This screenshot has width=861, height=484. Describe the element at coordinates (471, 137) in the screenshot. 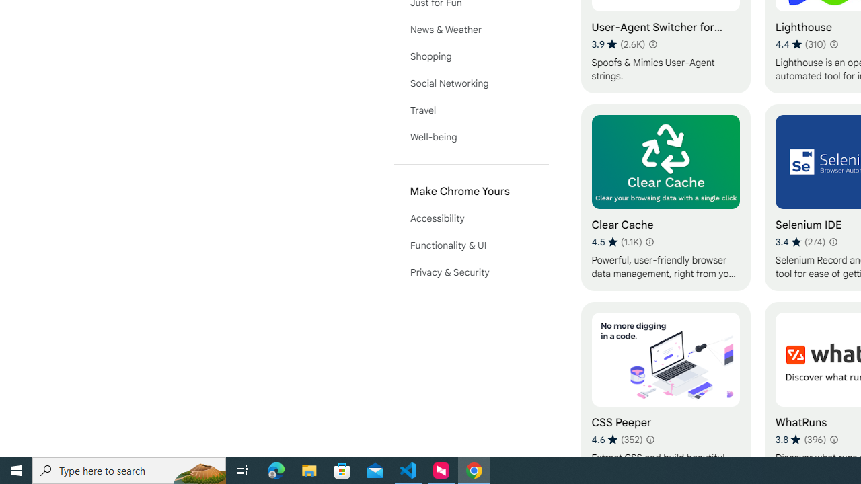

I see `'Well-being'` at that location.